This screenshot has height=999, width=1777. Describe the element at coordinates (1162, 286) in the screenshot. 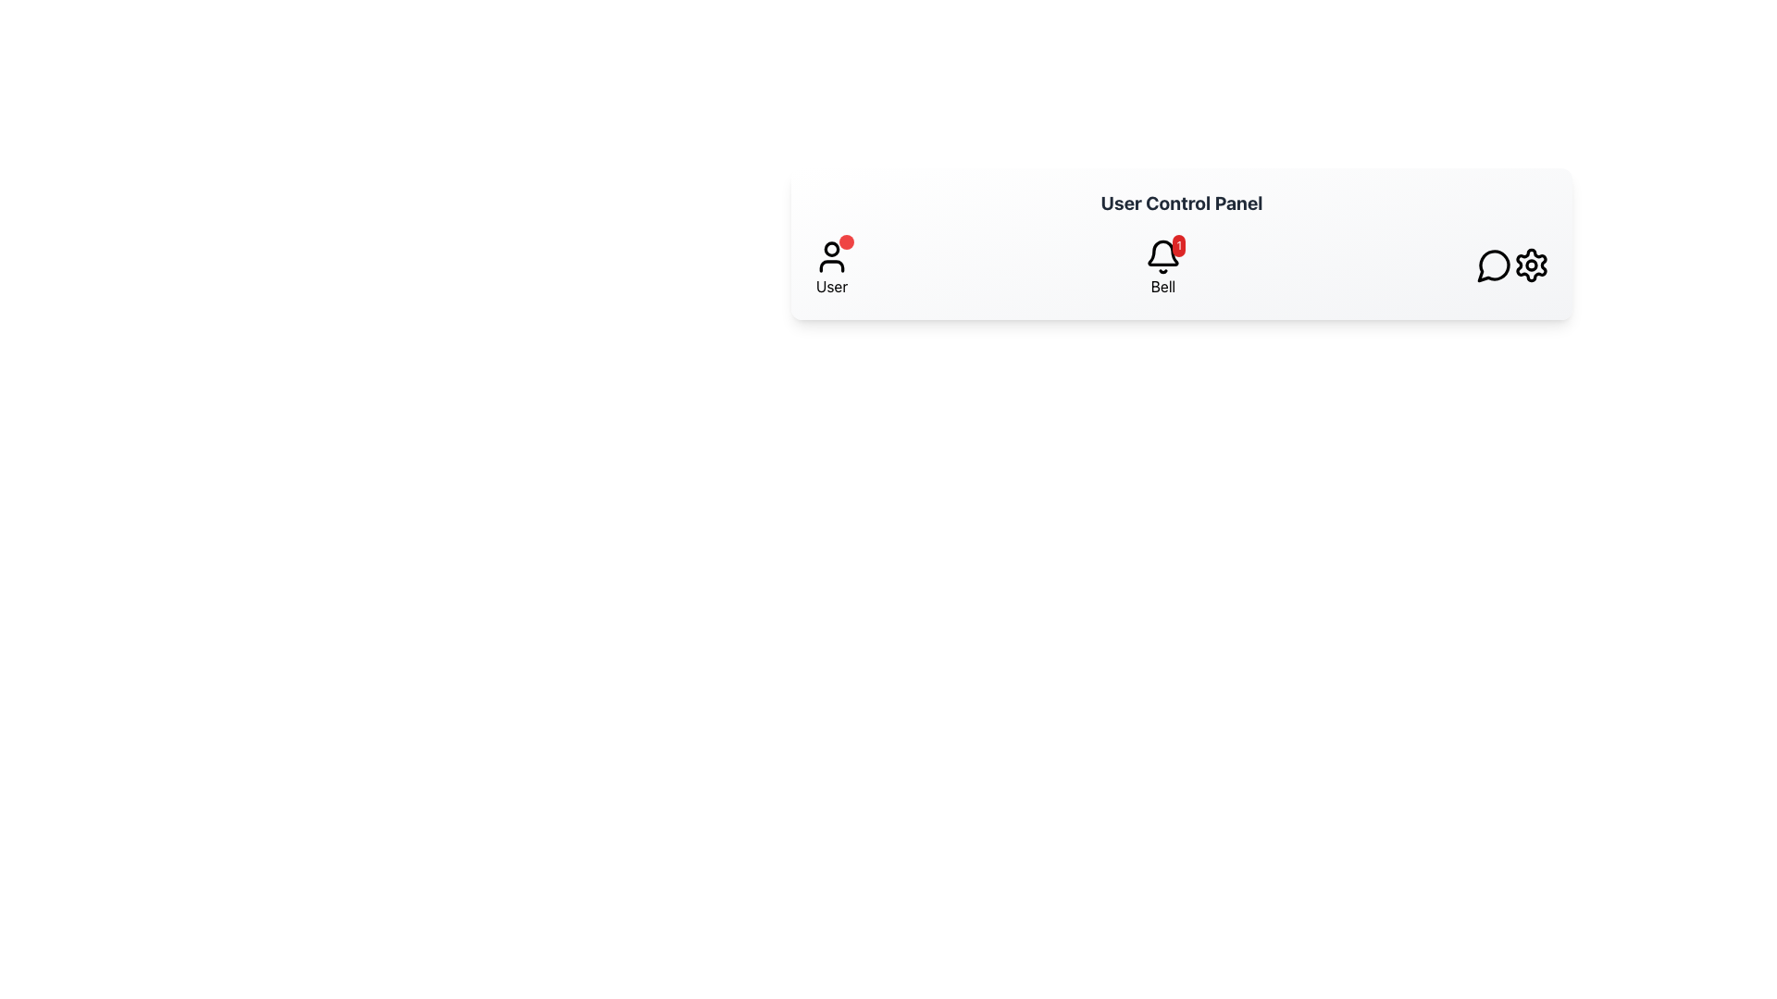

I see `the text label that describes the bell icon, located at the center of the horizontal navigation bar in the top section of the interface` at that location.